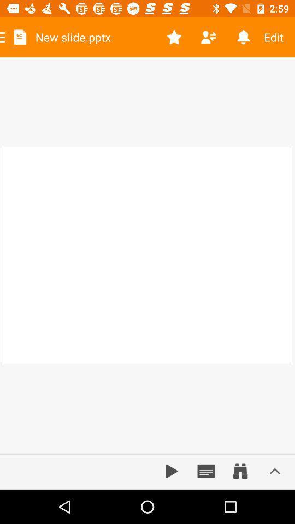 This screenshot has width=295, height=524. I want to click on more options, so click(274, 471).